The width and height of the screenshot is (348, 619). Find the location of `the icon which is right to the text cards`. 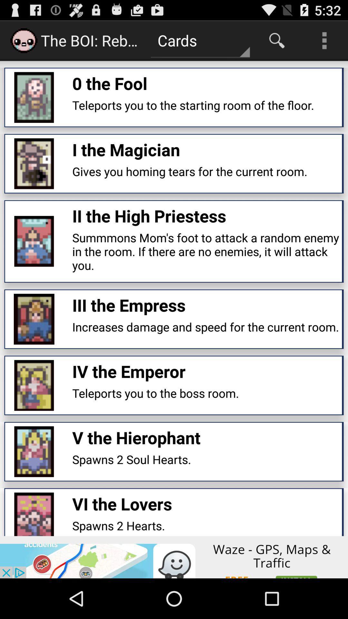

the icon which is right to the text cards is located at coordinates (276, 40).